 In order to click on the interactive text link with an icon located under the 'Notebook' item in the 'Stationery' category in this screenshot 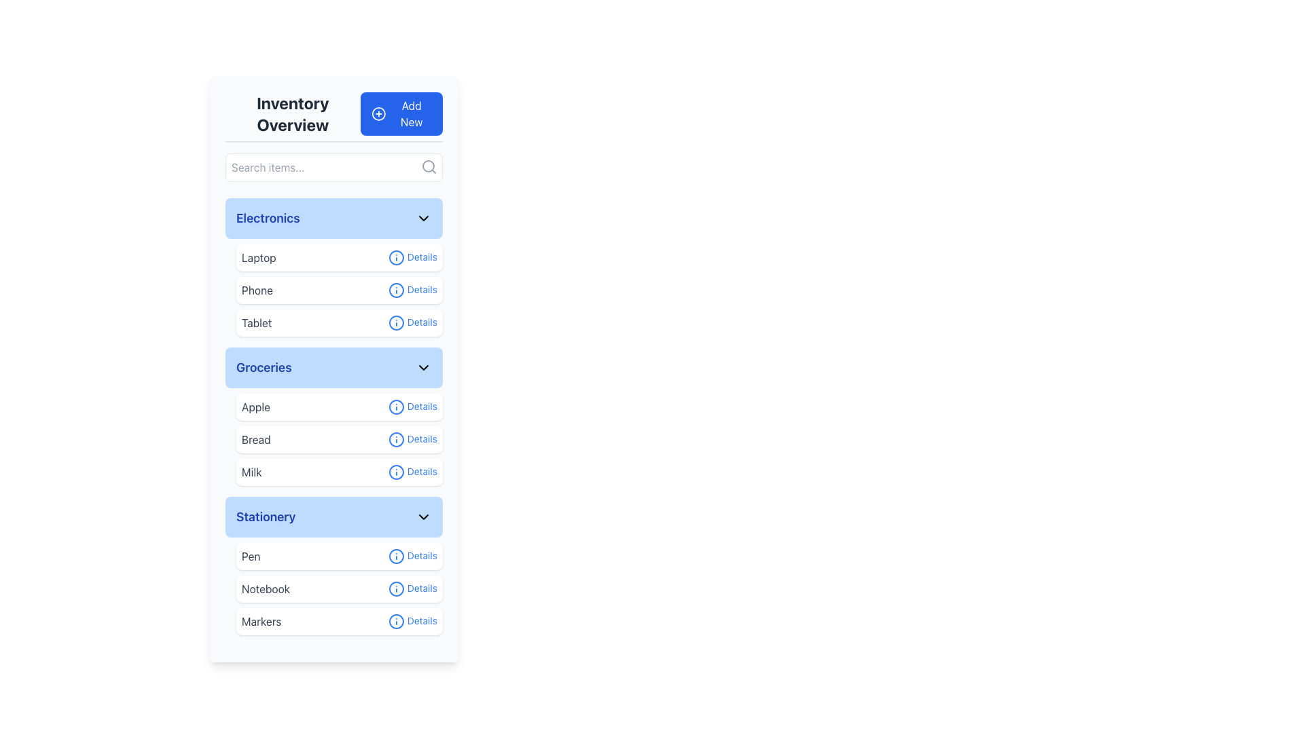, I will do `click(412, 588)`.